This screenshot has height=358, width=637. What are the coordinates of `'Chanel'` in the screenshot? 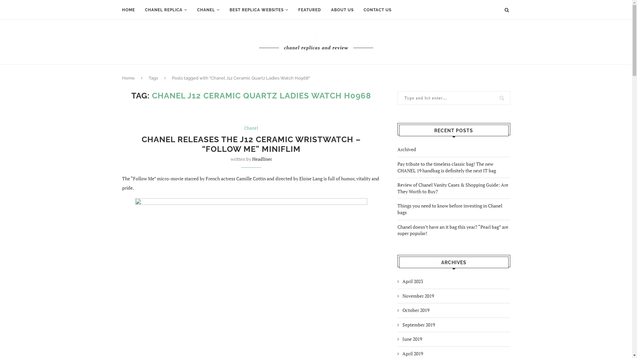 It's located at (251, 128).